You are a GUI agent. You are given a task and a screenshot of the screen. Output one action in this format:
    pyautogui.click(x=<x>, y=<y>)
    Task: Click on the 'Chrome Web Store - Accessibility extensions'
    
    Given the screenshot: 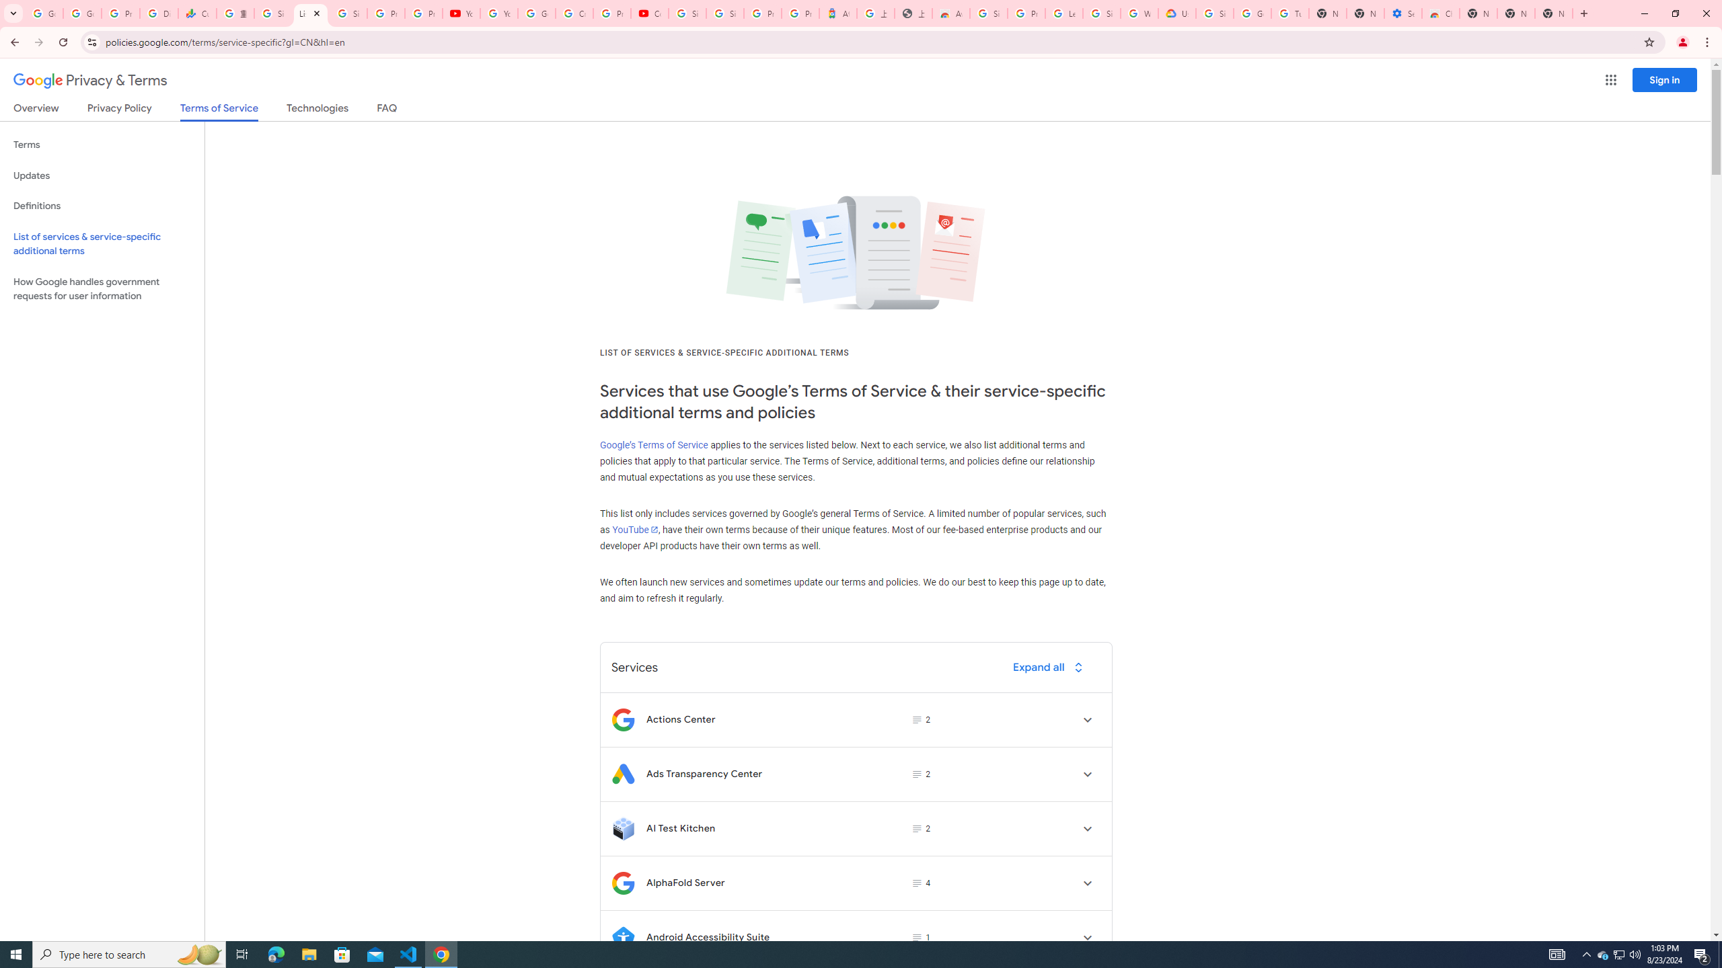 What is the action you would take?
    pyautogui.click(x=1439, y=13)
    